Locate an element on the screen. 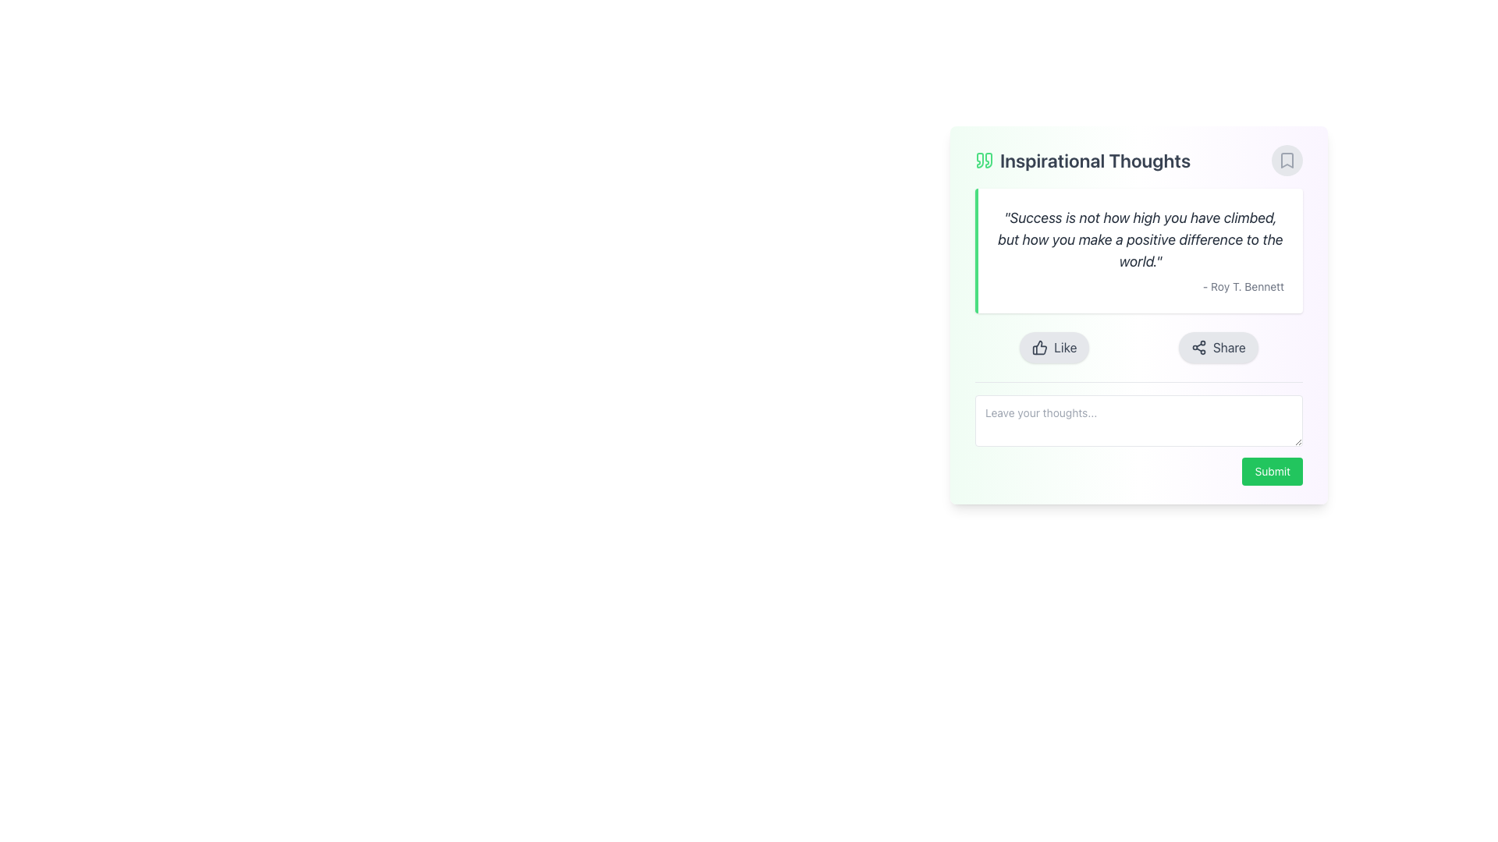 The image size is (1498, 842). the small share icon located inside the 'Share' button at the bottom right of the content panel is located at coordinates (1198, 347).